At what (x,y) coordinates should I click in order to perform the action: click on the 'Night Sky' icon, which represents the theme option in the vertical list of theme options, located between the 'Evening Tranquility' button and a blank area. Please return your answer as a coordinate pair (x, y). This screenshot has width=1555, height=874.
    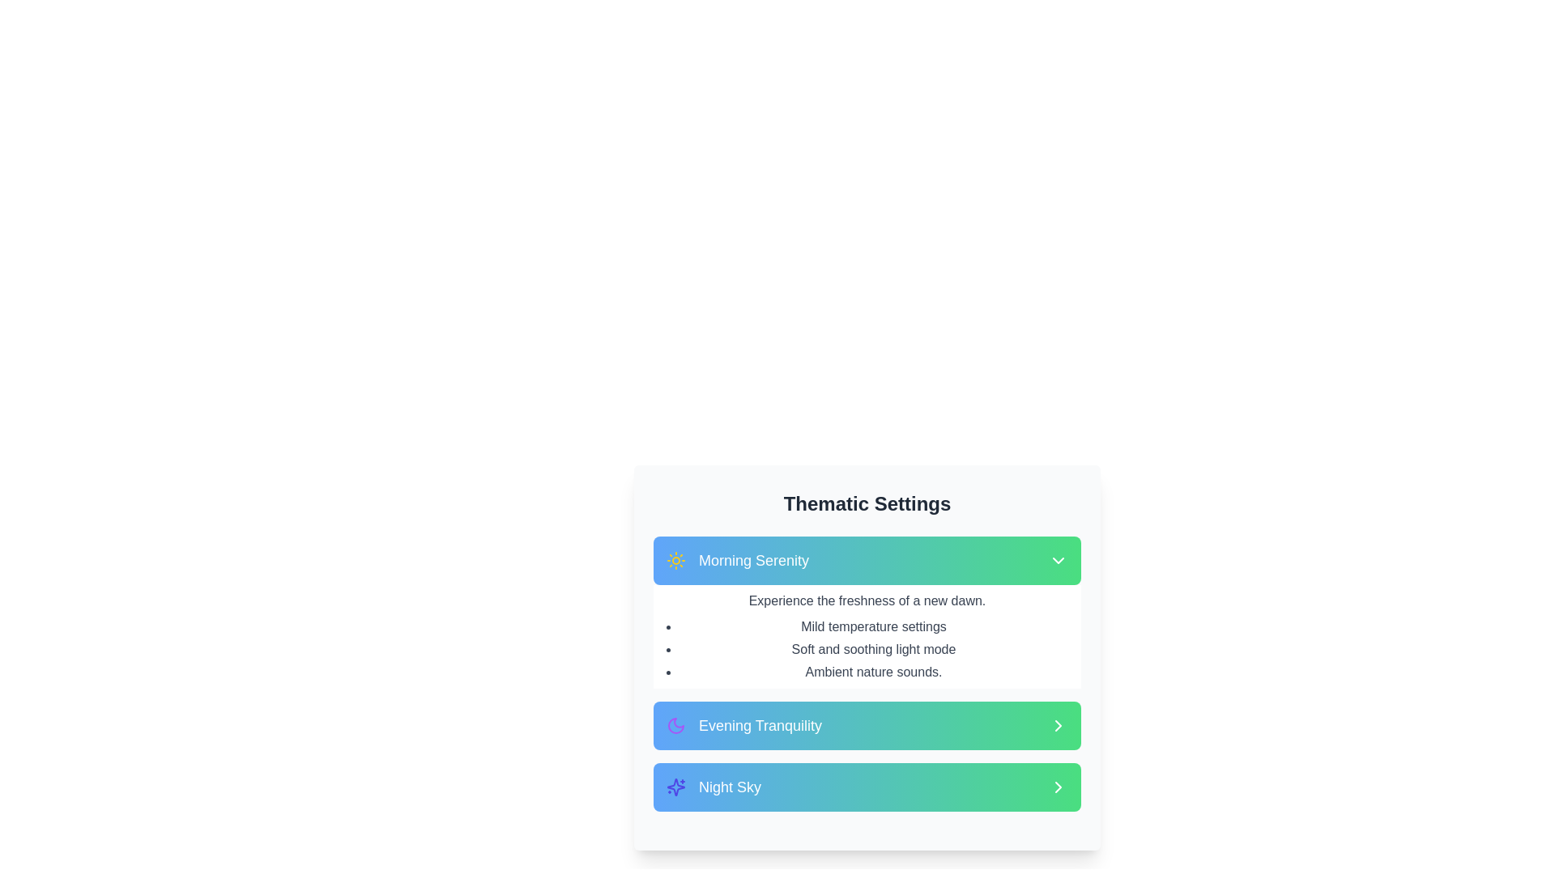
    Looking at the image, I should click on (676, 786).